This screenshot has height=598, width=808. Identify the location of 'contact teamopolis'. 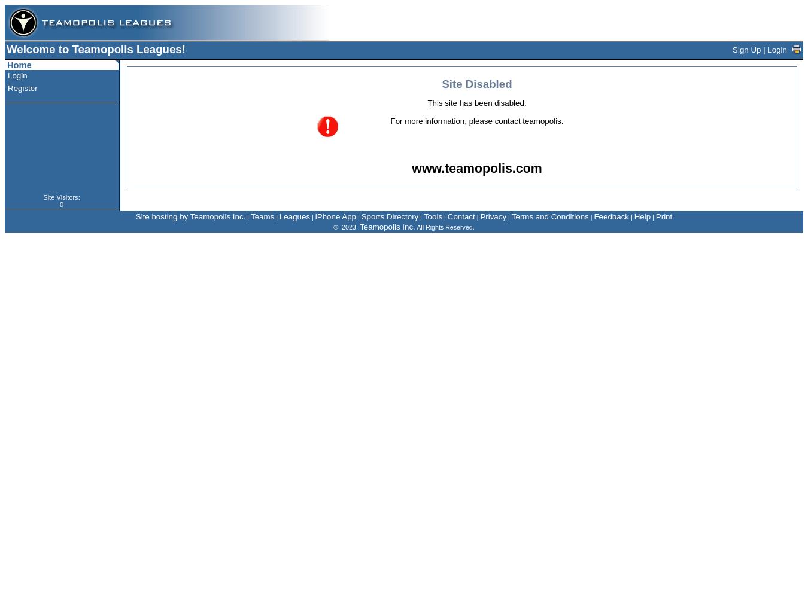
(527, 120).